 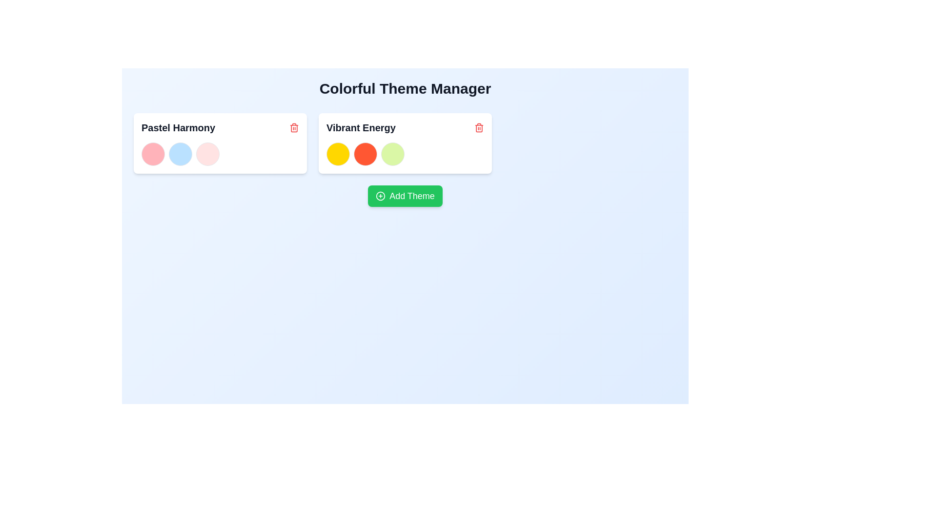 What do you see at coordinates (207, 154) in the screenshot?
I see `the color swatch, which is the third circle from the left inside the 'Pastel Harmony' card located in the top-left corner of the interface` at bounding box center [207, 154].